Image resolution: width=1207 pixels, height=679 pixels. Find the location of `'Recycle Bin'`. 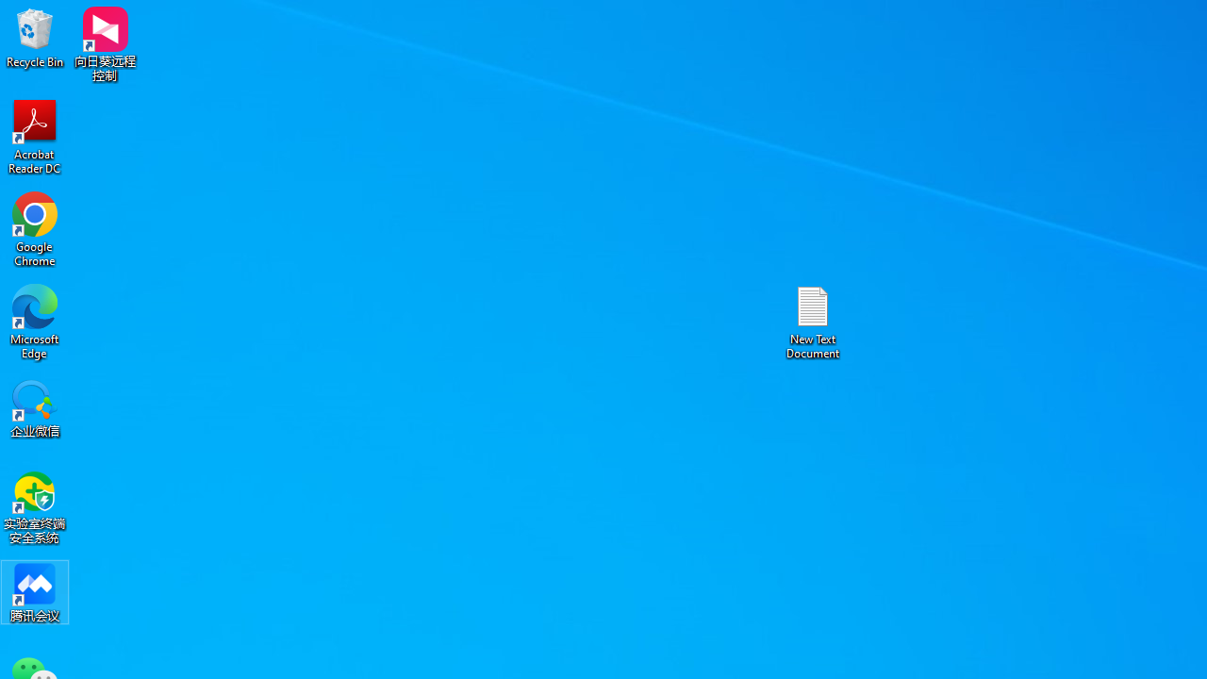

'Recycle Bin' is located at coordinates (35, 37).